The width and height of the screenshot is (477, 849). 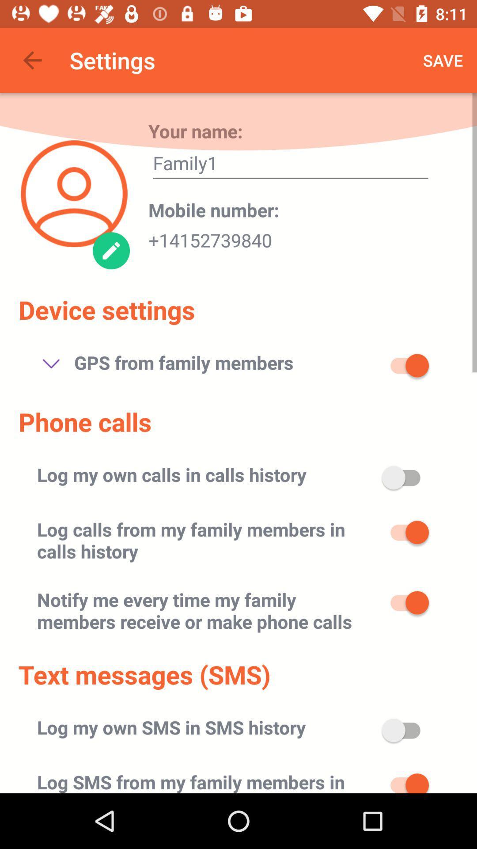 What do you see at coordinates (32, 60) in the screenshot?
I see `item next to settings` at bounding box center [32, 60].